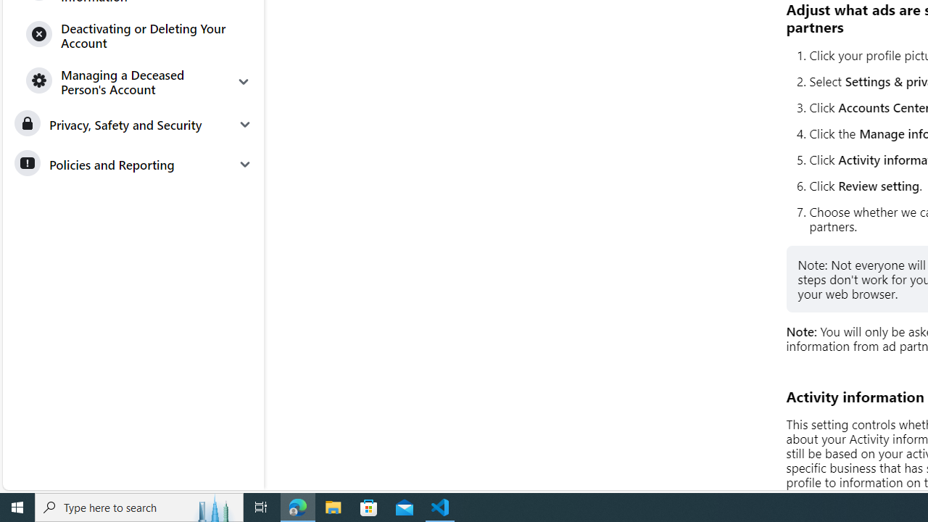 The height and width of the screenshot is (522, 928). Describe the element at coordinates (139, 81) in the screenshot. I see `'Managing a Deceased Person'` at that location.